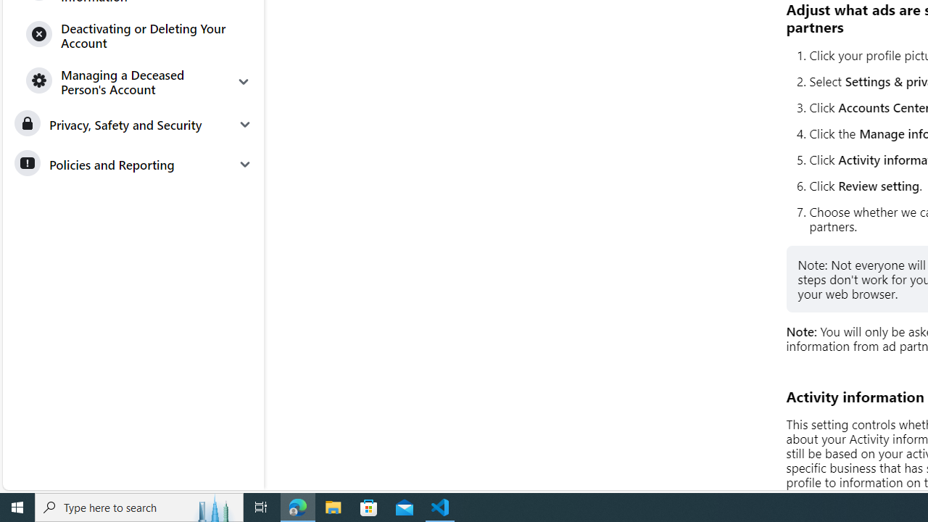 The height and width of the screenshot is (522, 928). Describe the element at coordinates (139, 81) in the screenshot. I see `'Managing a Deceased Person'` at that location.